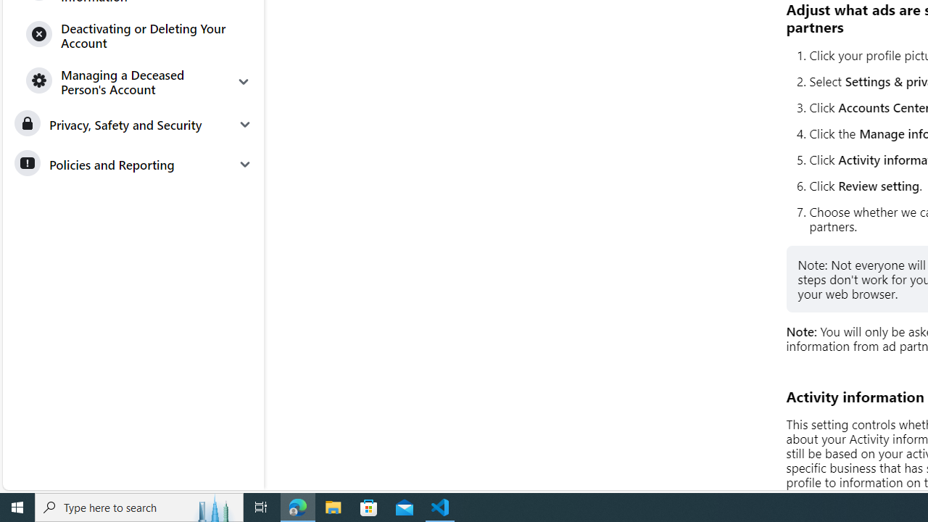 The height and width of the screenshot is (522, 928). Describe the element at coordinates (139, 81) in the screenshot. I see `'Managing a Deceased Person'` at that location.